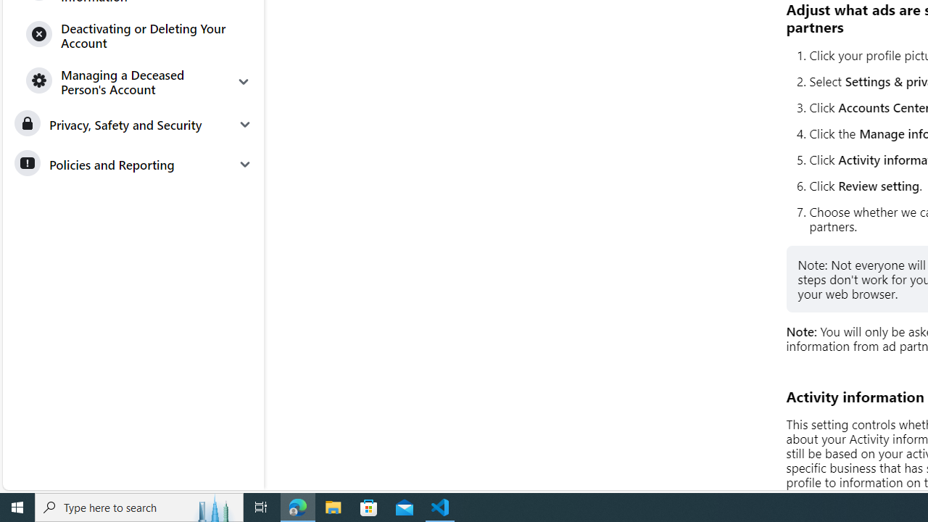 The height and width of the screenshot is (522, 928). Describe the element at coordinates (139, 81) in the screenshot. I see `'Managing a Deceased Person'` at that location.